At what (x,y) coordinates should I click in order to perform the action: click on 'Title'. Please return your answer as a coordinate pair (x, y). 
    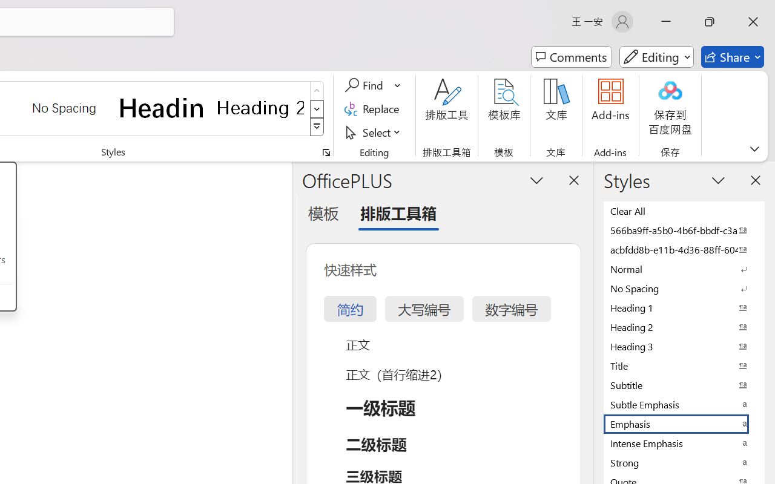
    Looking at the image, I should click on (684, 365).